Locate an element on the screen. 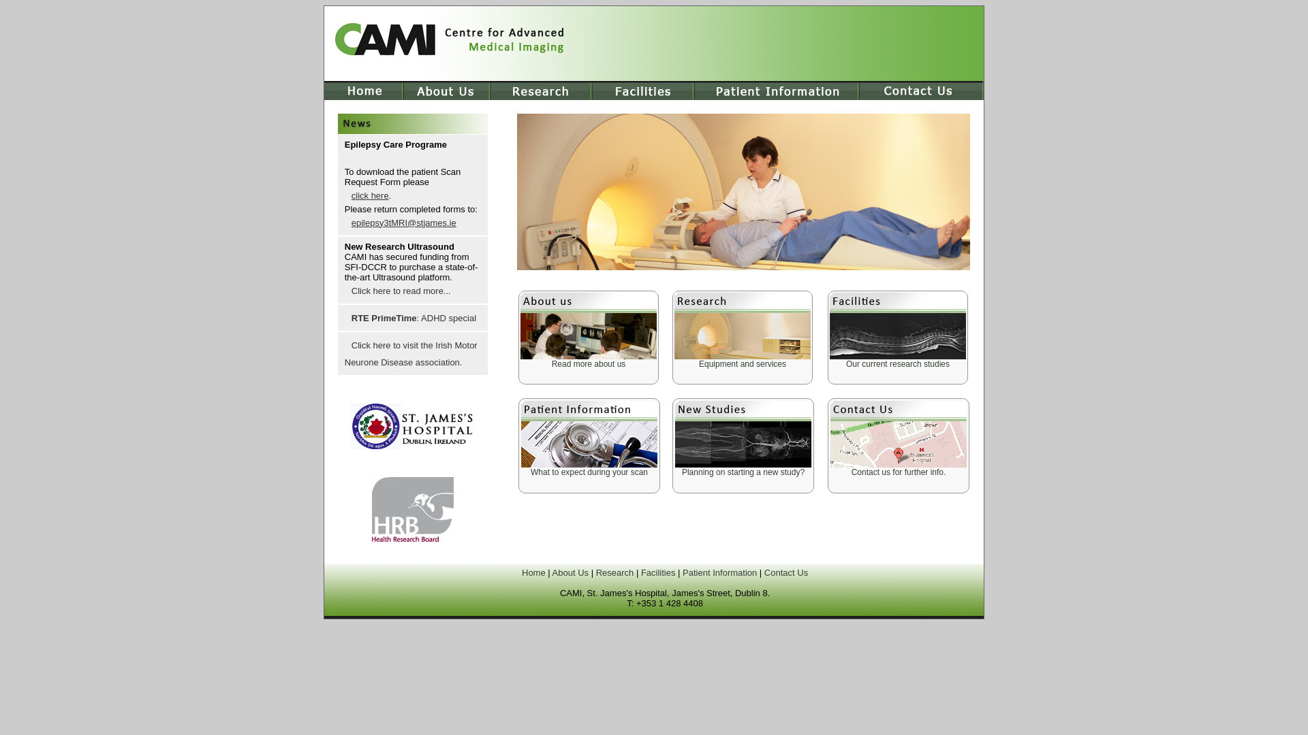  'About Us' is located at coordinates (570, 572).